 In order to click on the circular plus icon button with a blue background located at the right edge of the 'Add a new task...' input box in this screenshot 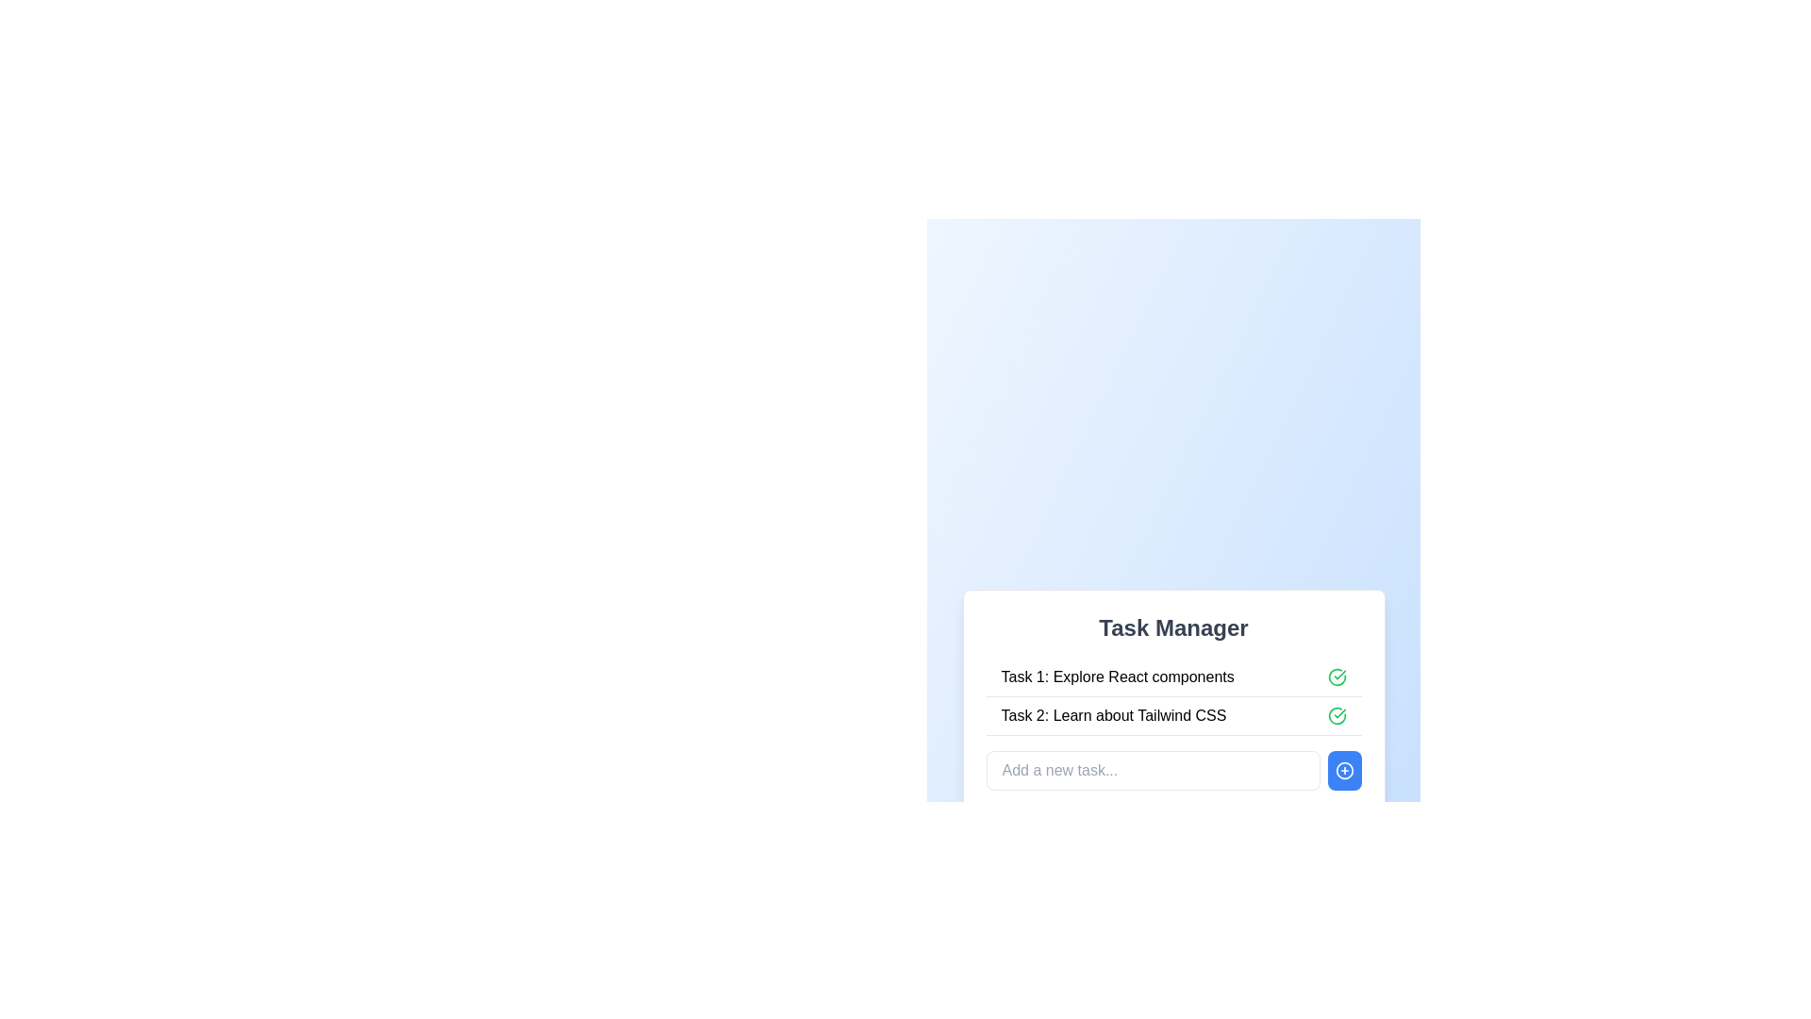, I will do `click(1343, 771)`.